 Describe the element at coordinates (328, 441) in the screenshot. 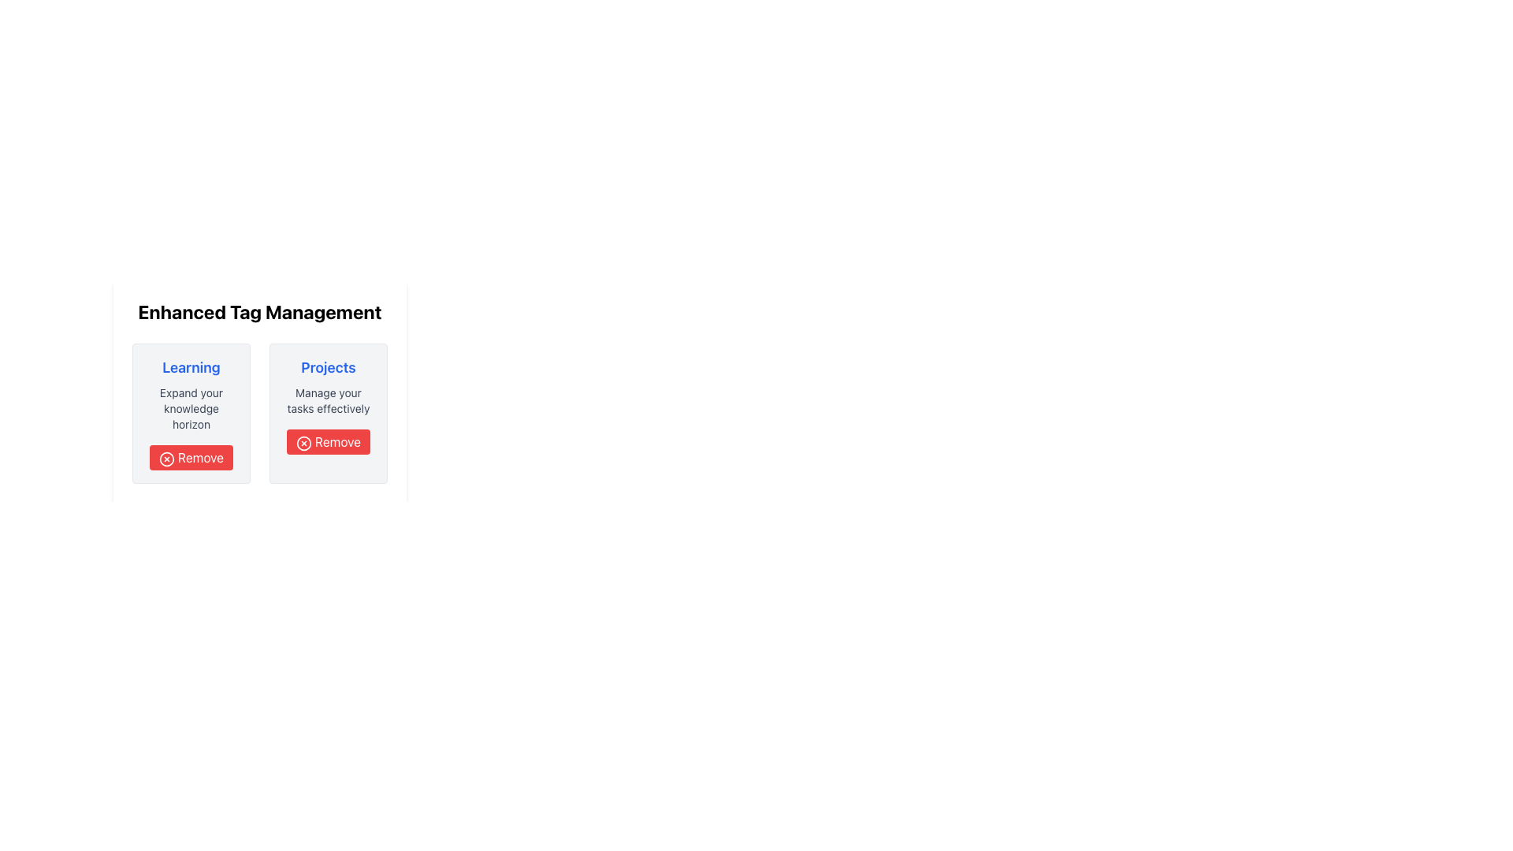

I see `the 'Remove' button with a red background and white text, located at the bottom of the 'Projects' section` at that location.